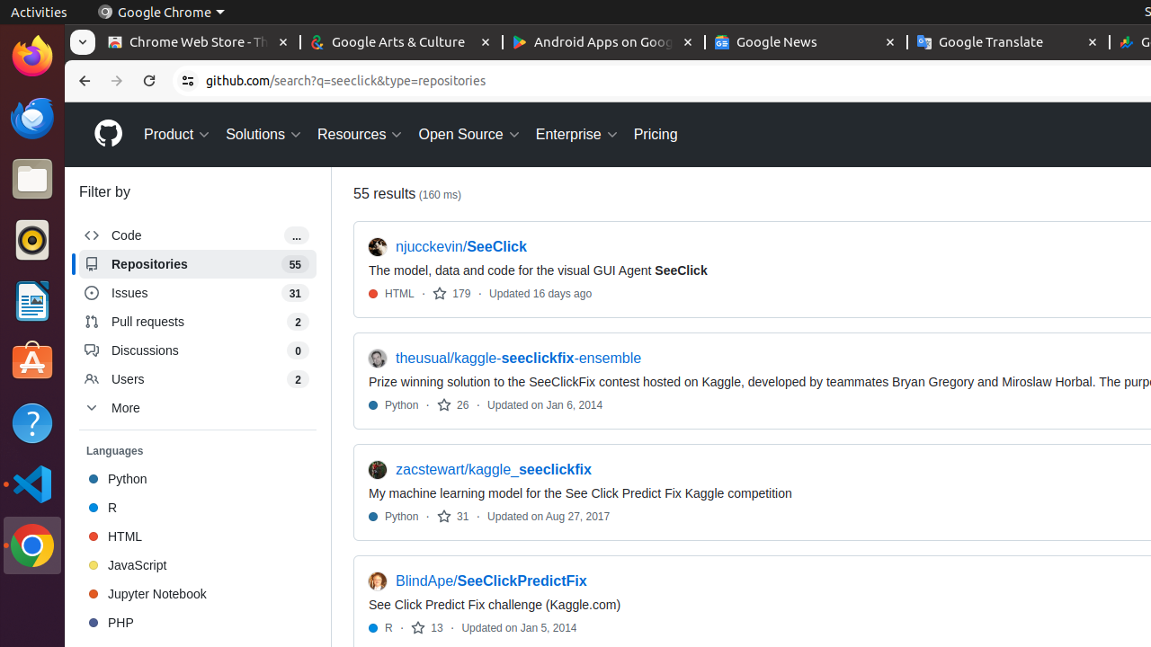 The height and width of the screenshot is (647, 1151). I want to click on 'Thunderbird Mail', so click(31, 117).